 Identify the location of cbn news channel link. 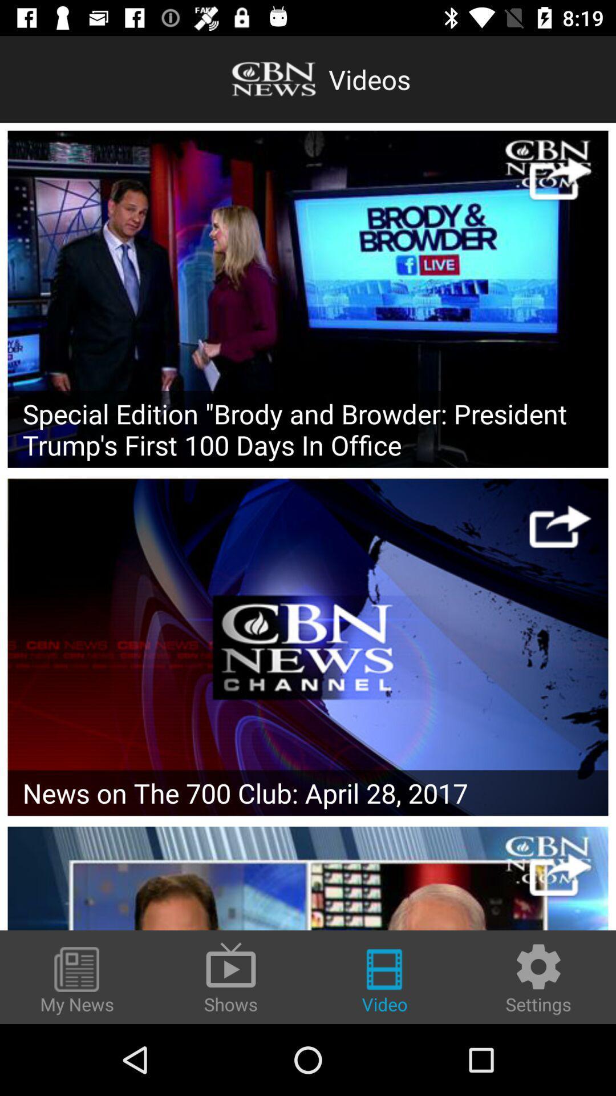
(308, 647).